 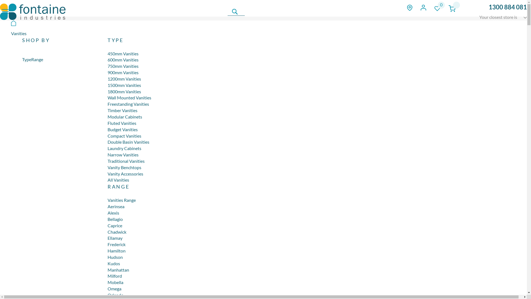 What do you see at coordinates (123, 53) in the screenshot?
I see `'450mm Vanities'` at bounding box center [123, 53].